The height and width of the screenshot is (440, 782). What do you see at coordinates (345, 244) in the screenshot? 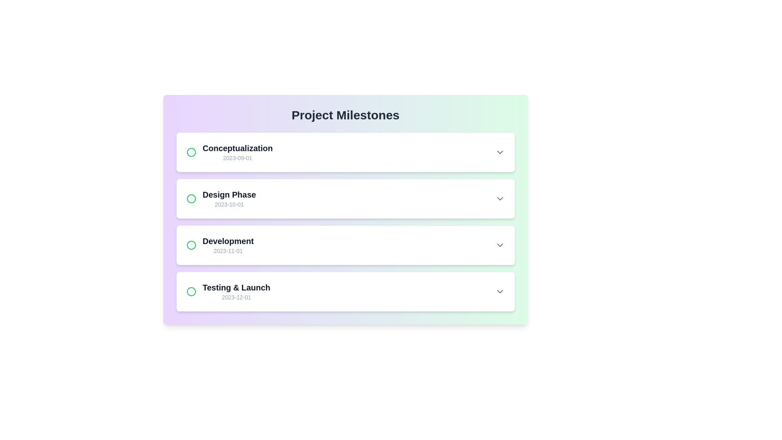
I see `the 'Development' card, which is the third card in the vertical list` at bounding box center [345, 244].